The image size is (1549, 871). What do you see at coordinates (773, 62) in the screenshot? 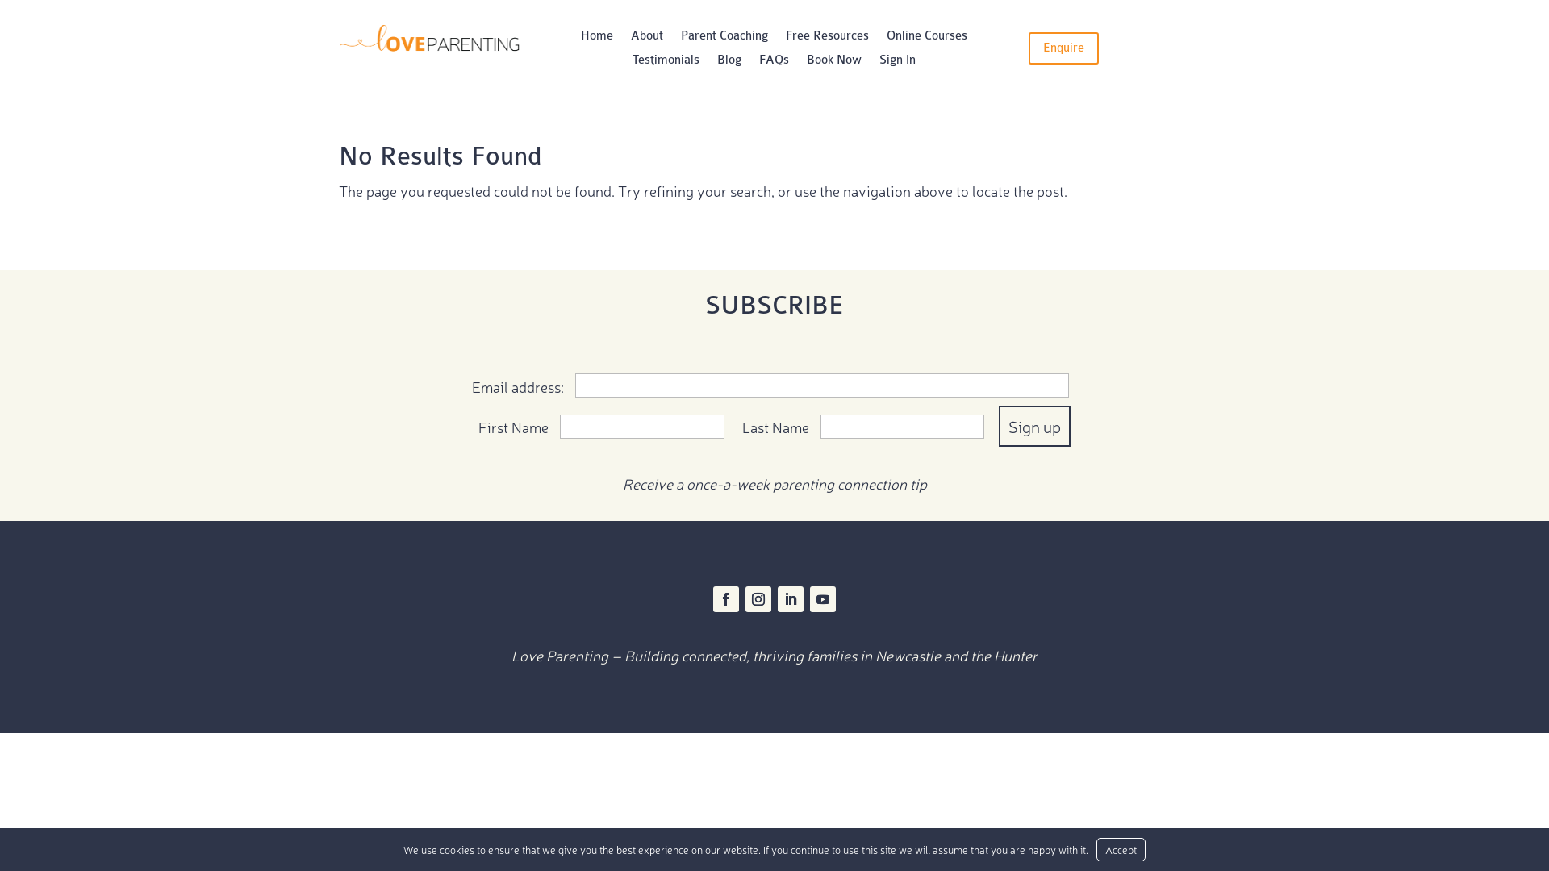
I see `'FAQs'` at bounding box center [773, 62].